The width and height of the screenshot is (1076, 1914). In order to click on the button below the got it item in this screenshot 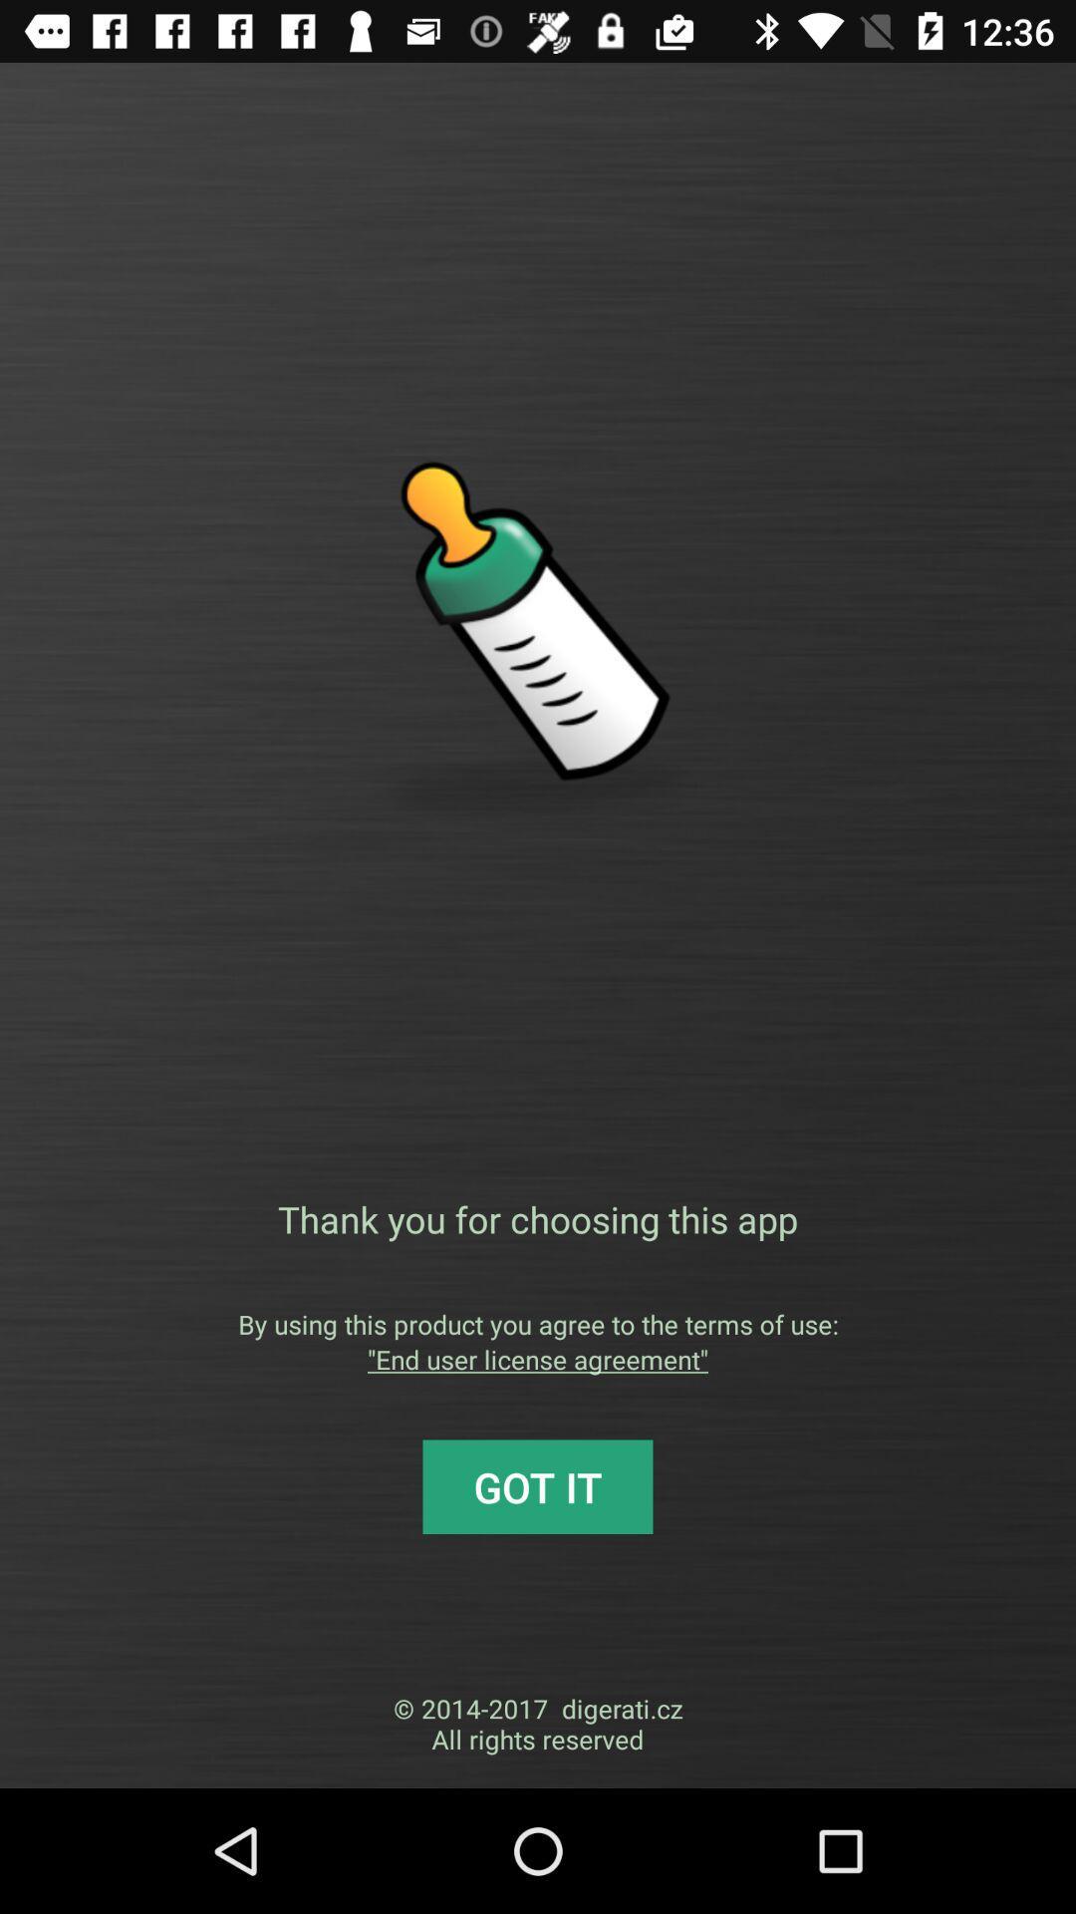, I will do `click(538, 1723)`.